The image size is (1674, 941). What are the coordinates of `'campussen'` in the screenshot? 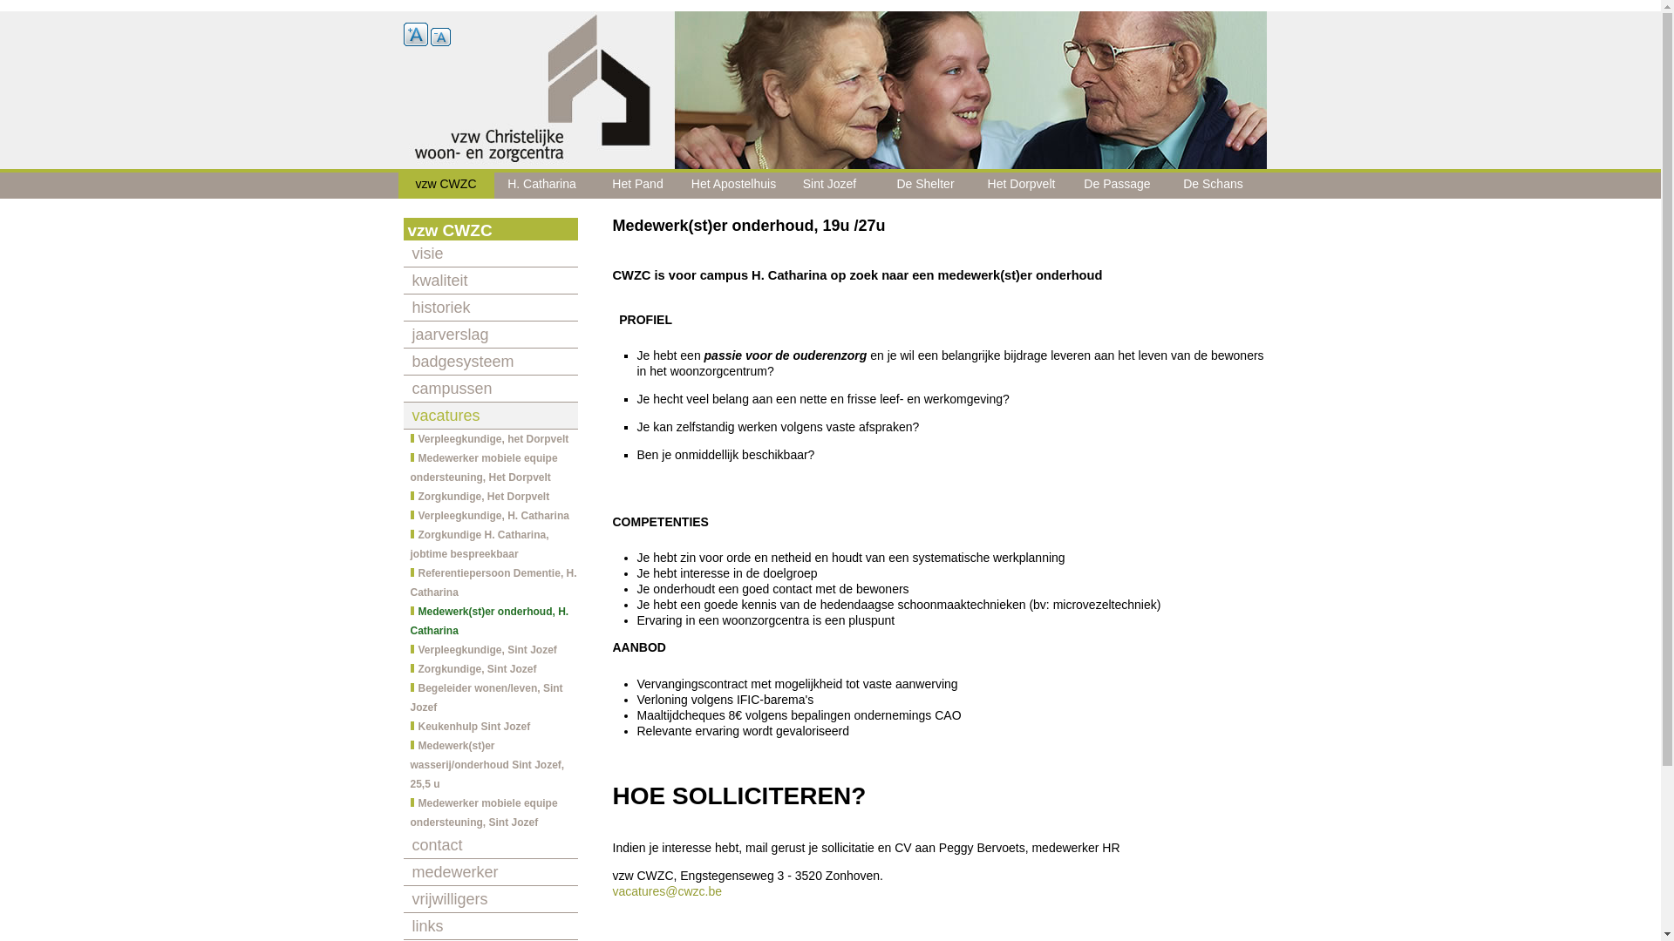 It's located at (488, 388).